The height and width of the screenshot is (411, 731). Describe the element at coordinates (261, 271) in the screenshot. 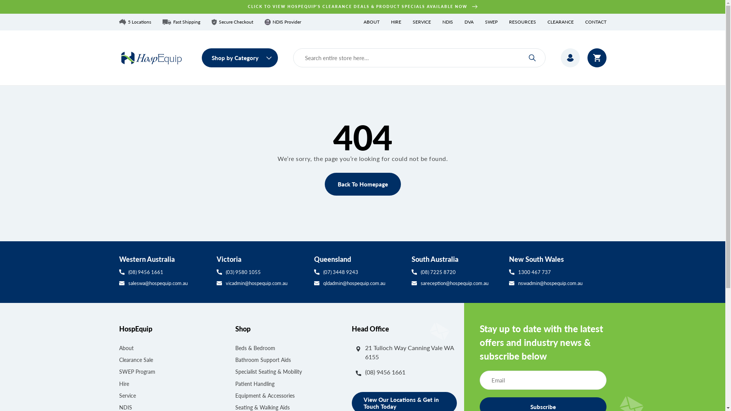

I see `'(03) 9580 1055'` at that location.